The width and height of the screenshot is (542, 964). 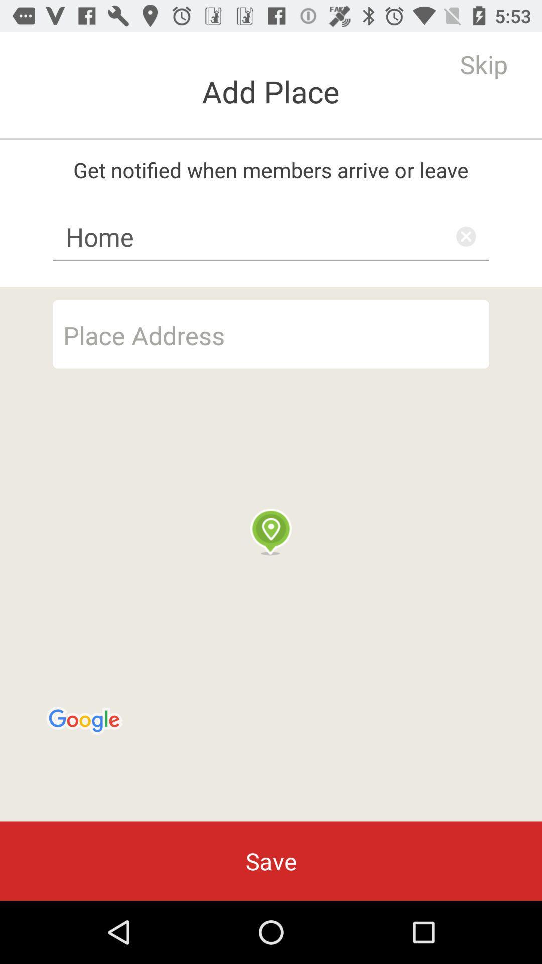 I want to click on the skip at the top right corner, so click(x=483, y=64).